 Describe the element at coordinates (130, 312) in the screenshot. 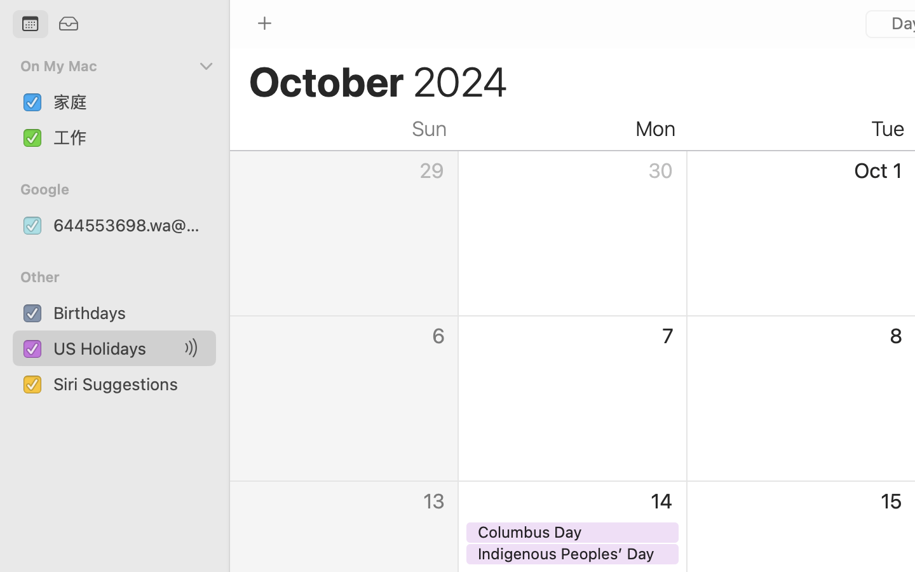

I see `'Birthdays'` at that location.